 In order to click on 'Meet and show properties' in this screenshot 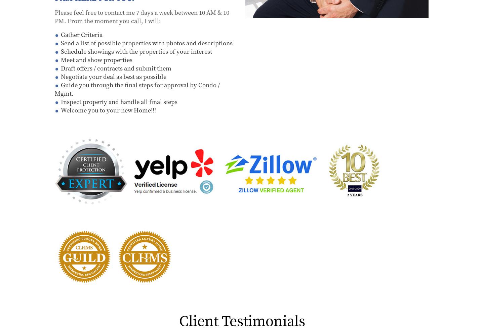, I will do `click(61, 59)`.